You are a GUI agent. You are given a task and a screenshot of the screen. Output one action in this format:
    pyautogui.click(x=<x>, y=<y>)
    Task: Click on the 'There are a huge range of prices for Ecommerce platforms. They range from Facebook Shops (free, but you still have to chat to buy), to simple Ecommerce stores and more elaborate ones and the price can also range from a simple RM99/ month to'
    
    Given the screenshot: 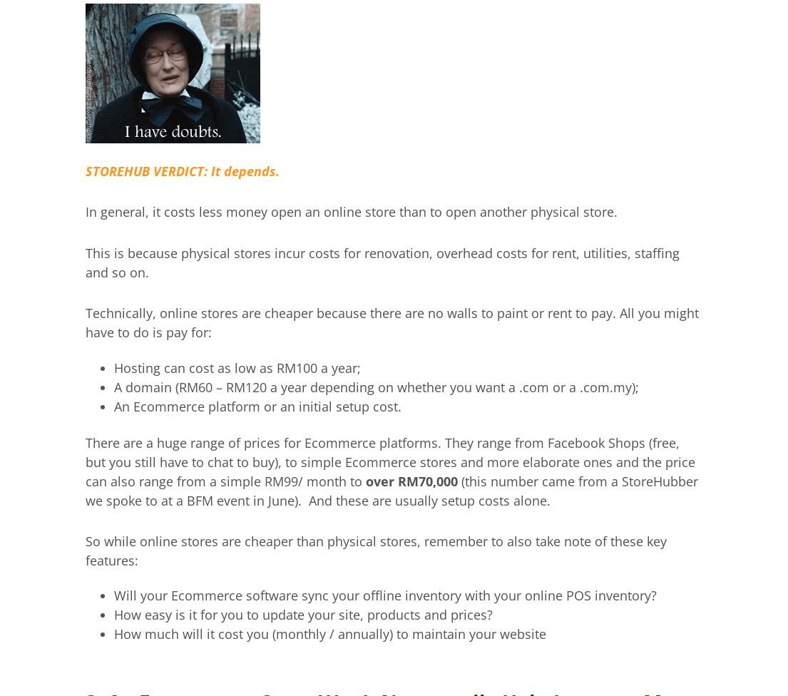 What is the action you would take?
    pyautogui.click(x=389, y=460)
    